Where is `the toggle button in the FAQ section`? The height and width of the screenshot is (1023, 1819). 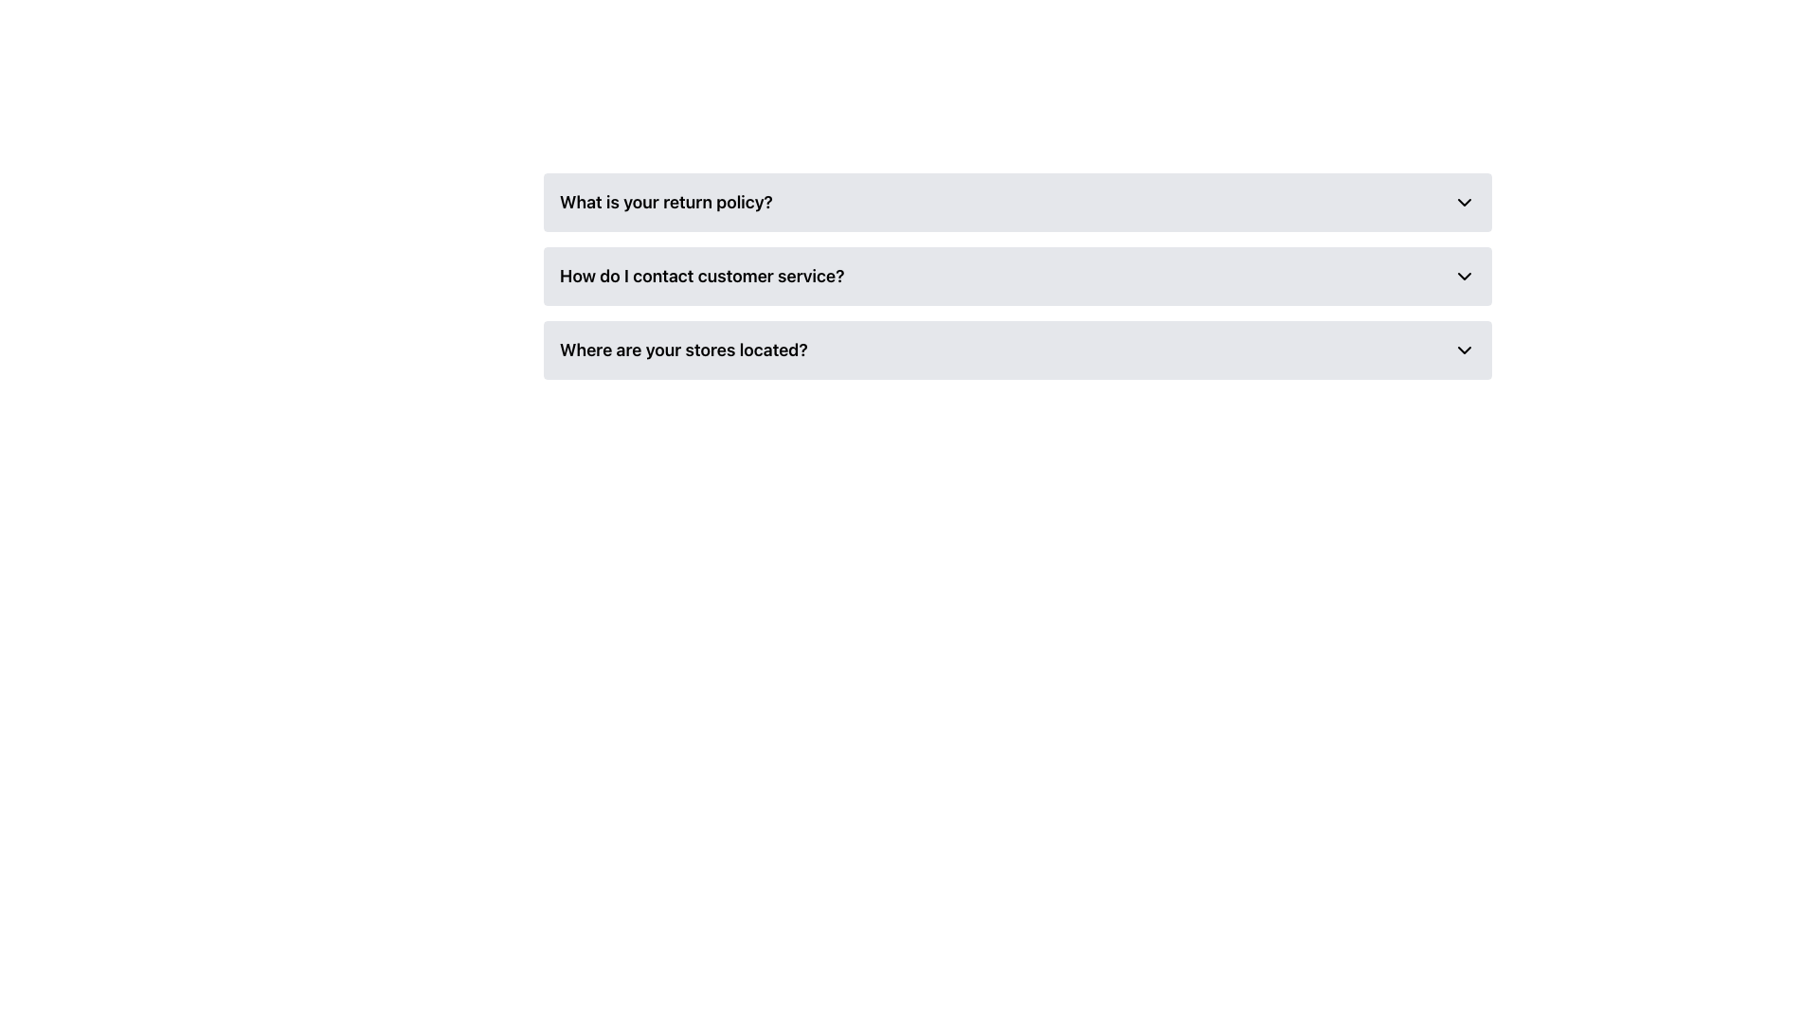 the toggle button in the FAQ section is located at coordinates (1017, 277).